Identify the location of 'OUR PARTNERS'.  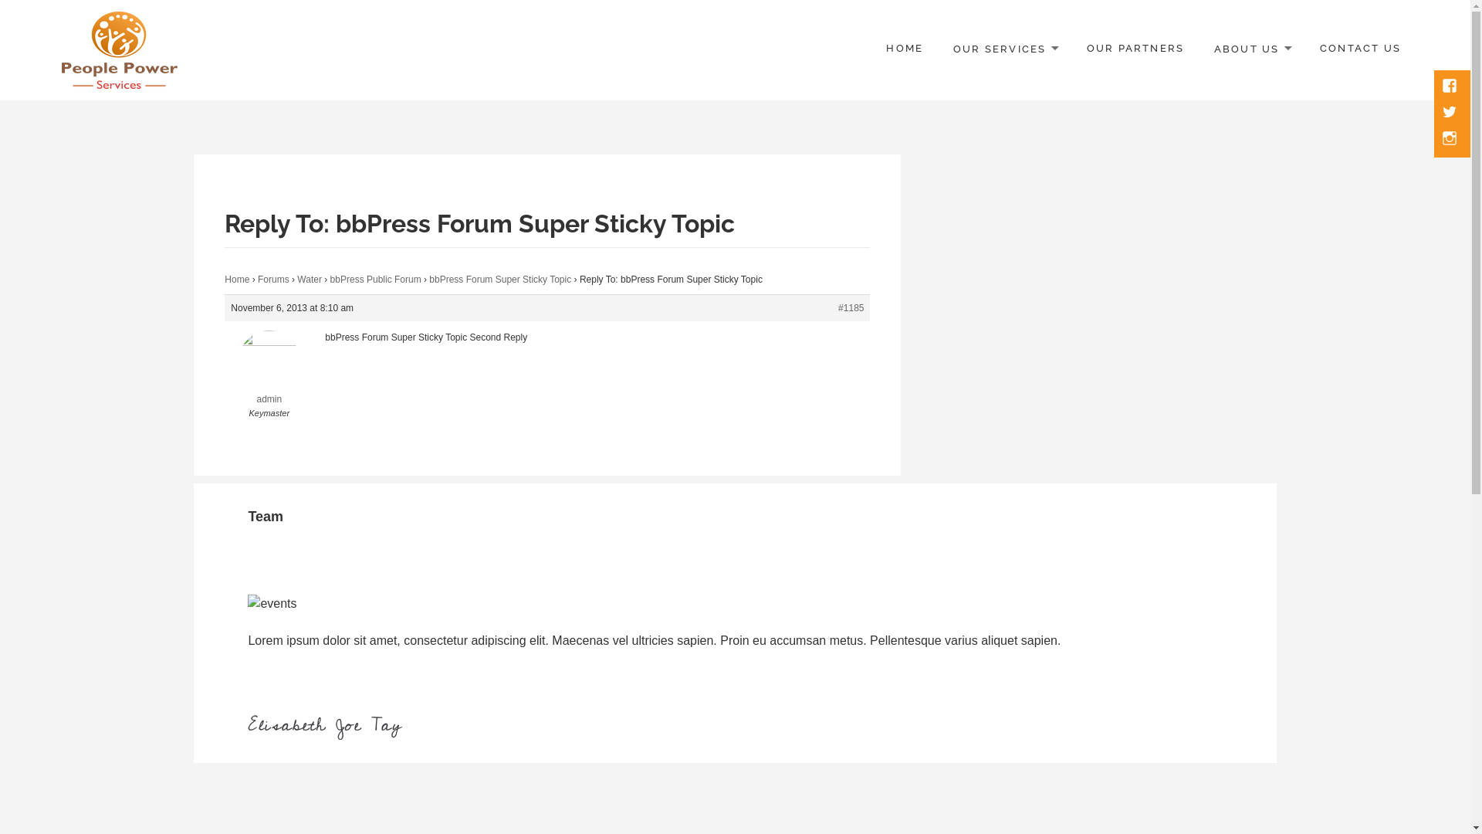
(1135, 49).